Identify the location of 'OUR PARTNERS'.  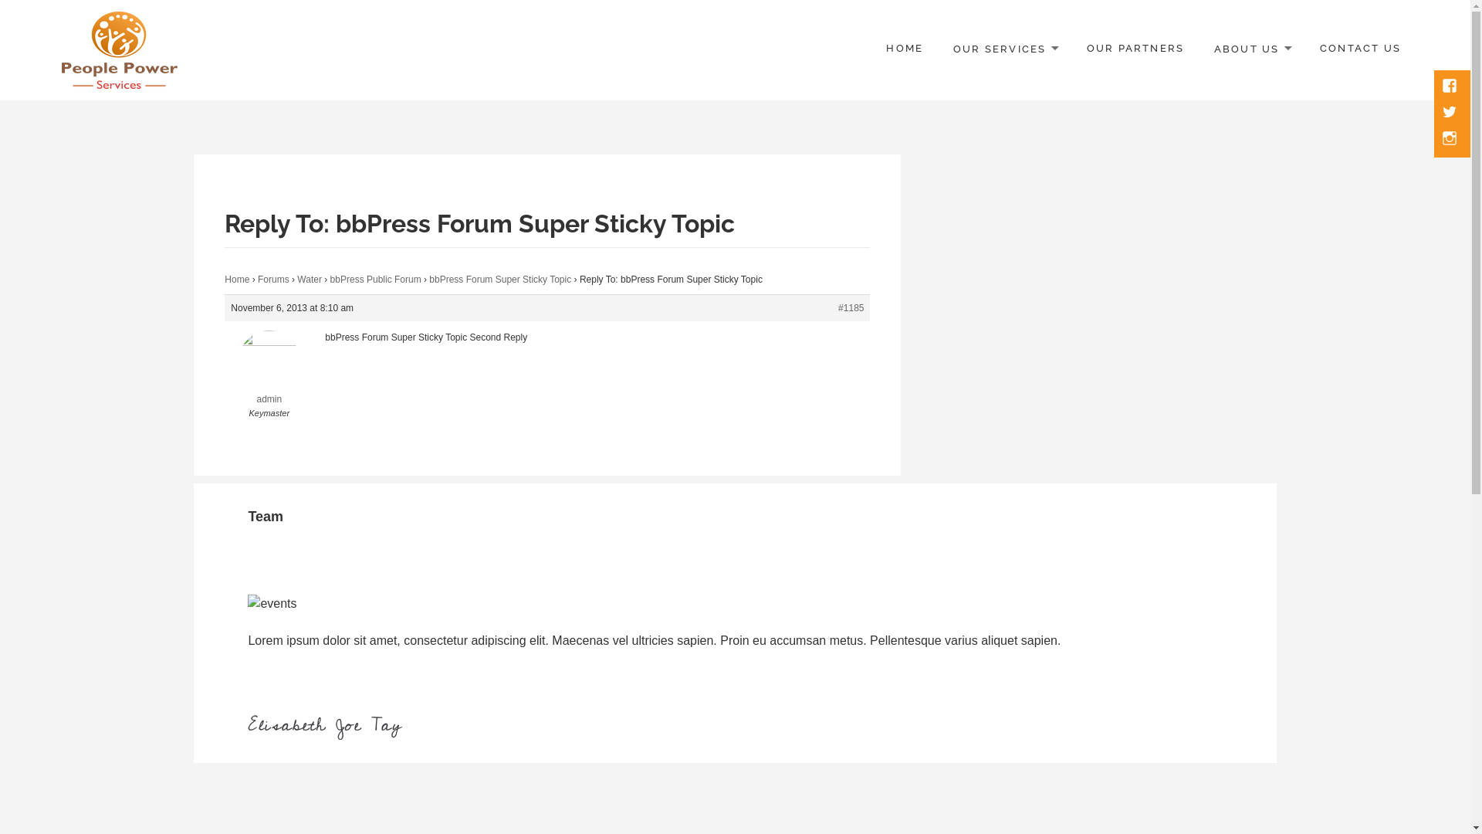
(1135, 49).